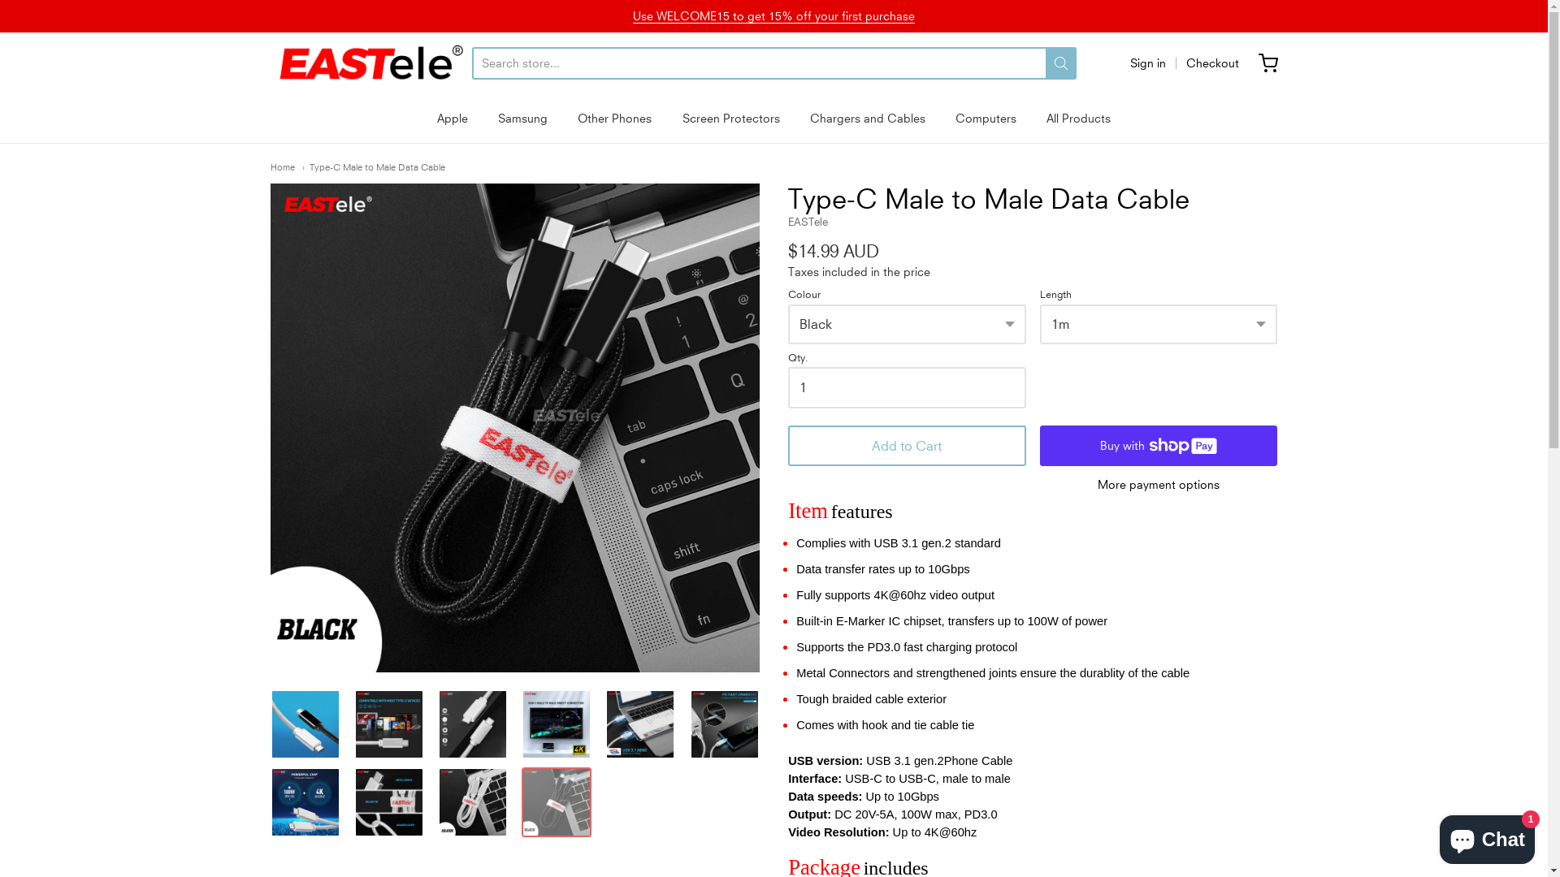 This screenshot has height=877, width=1560. What do you see at coordinates (513, 427) in the screenshot?
I see `'Type-C Male to Male Data Cable'` at bounding box center [513, 427].